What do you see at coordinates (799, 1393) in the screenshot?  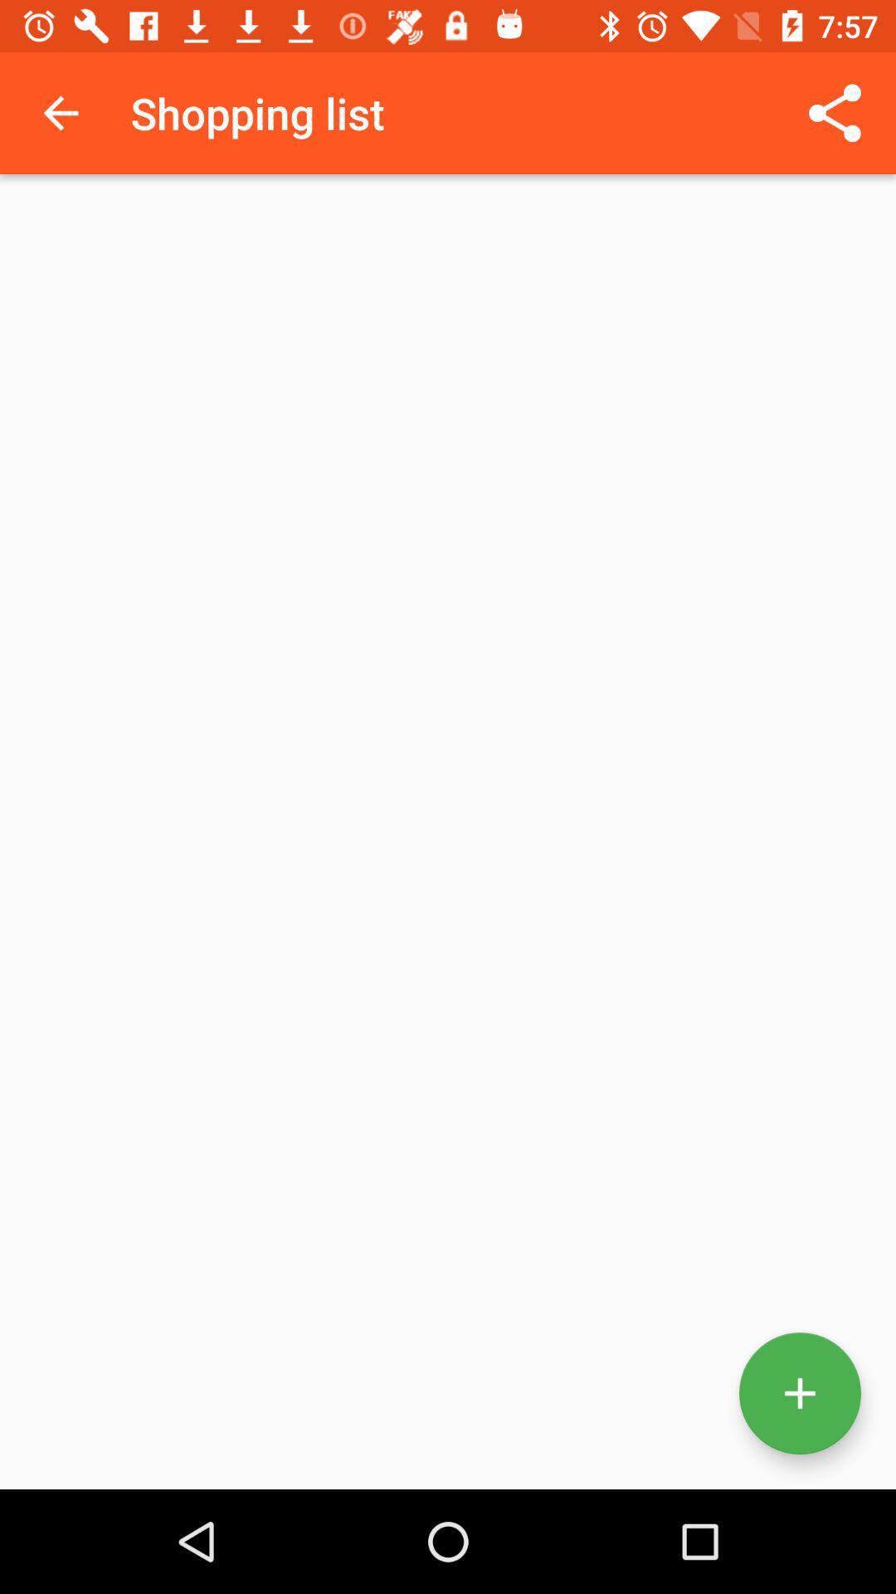 I see `new item` at bounding box center [799, 1393].